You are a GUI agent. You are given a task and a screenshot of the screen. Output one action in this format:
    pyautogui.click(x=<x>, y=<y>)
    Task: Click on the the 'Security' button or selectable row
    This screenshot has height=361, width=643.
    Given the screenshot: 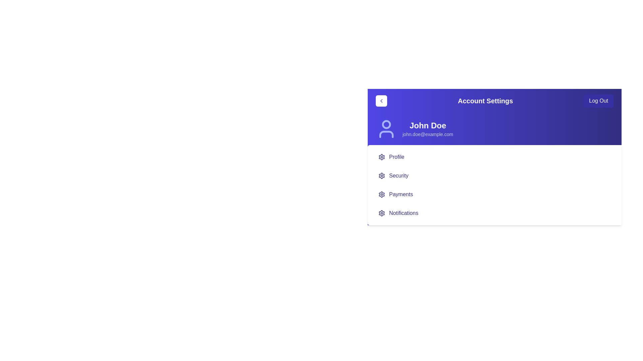 What is the action you would take?
    pyautogui.click(x=495, y=175)
    